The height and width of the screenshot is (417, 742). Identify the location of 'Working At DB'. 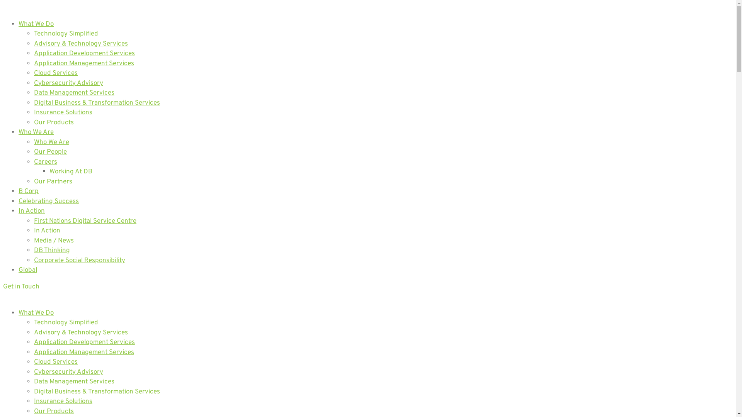
(71, 171).